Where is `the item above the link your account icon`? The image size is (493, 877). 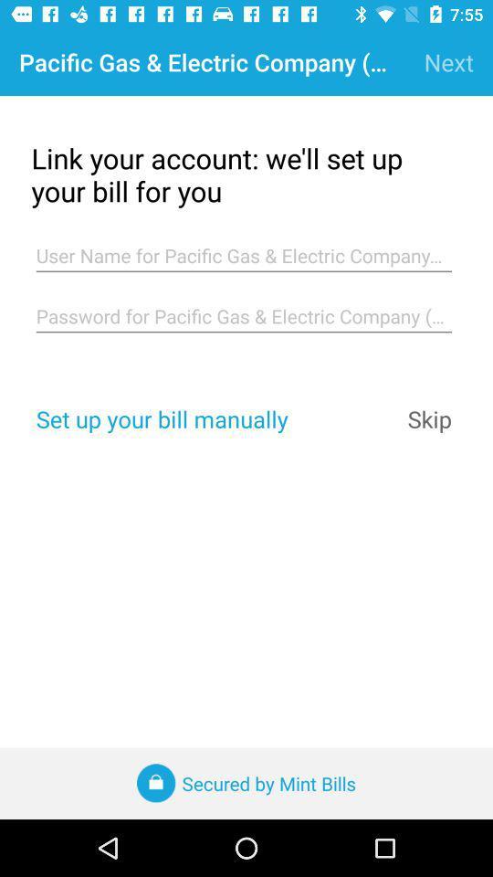 the item above the link your account icon is located at coordinates (447, 62).